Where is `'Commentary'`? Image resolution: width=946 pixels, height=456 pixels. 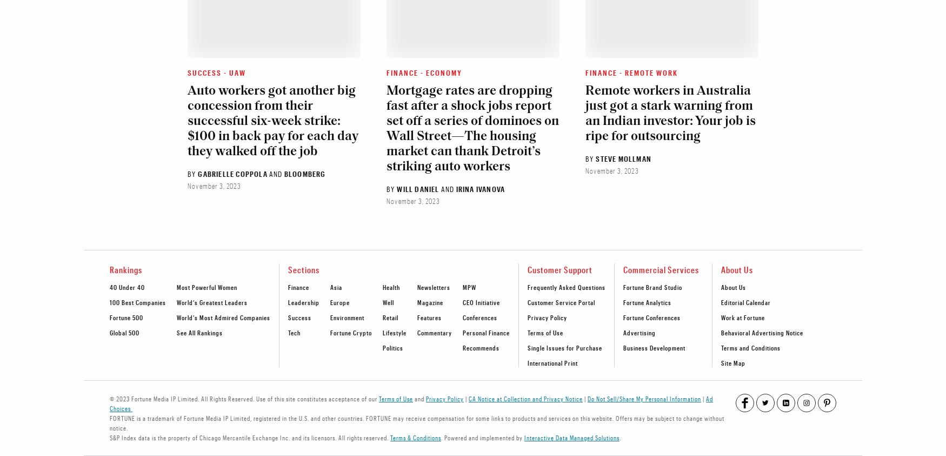 'Commentary' is located at coordinates (416, 332).